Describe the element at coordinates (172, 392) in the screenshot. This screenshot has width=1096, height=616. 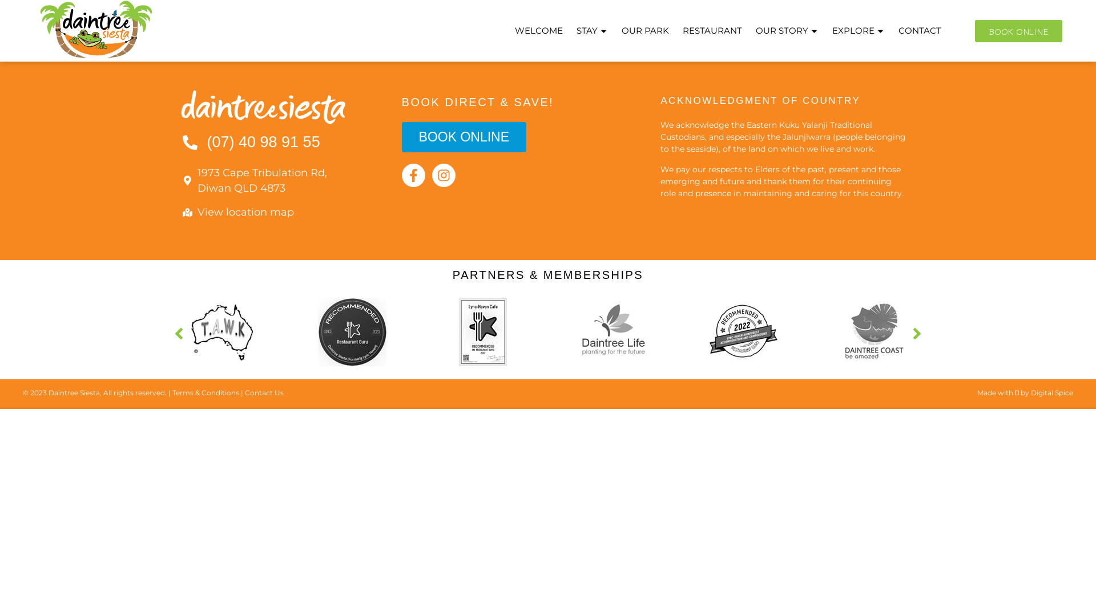
I see `'Terms & Conditions'` at that location.